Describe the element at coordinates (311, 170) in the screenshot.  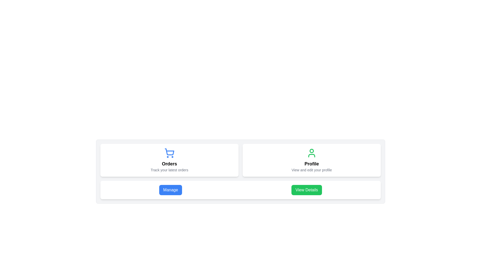
I see `the text element that provides a description or hint for editing the user's profile, located below the 'Profile' heading and a green user icon in the second card element on the right side of a grid layout` at that location.